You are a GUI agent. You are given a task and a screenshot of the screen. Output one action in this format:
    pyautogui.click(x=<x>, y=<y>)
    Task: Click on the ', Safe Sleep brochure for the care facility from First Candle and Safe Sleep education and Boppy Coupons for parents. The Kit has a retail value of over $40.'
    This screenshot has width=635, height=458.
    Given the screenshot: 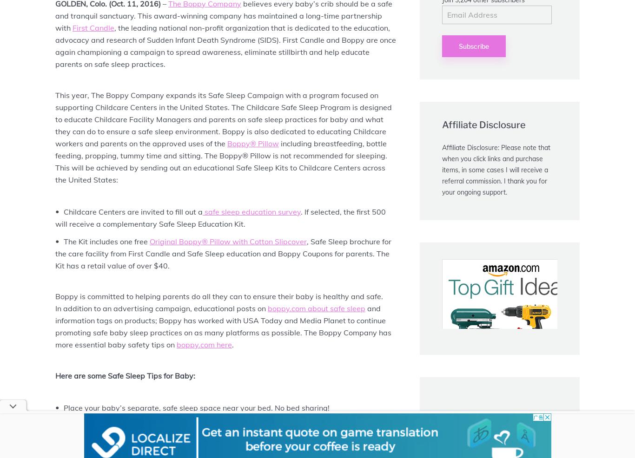 What is the action you would take?
    pyautogui.click(x=223, y=252)
    